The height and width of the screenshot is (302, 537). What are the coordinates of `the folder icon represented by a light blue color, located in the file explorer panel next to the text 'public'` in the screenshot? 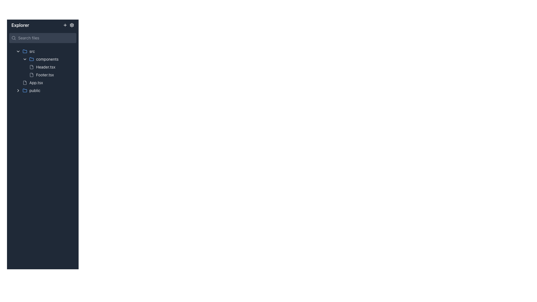 It's located at (25, 90).